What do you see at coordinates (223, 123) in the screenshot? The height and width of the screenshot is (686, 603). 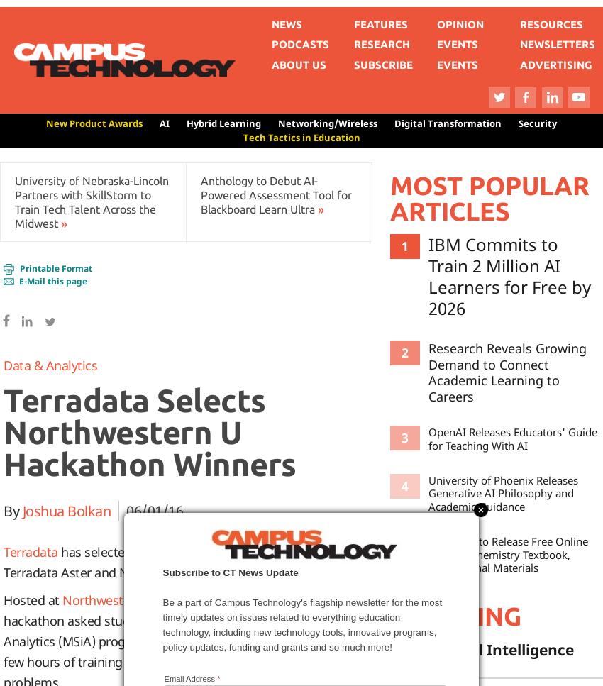 I see `'Hybrid Learning'` at bounding box center [223, 123].